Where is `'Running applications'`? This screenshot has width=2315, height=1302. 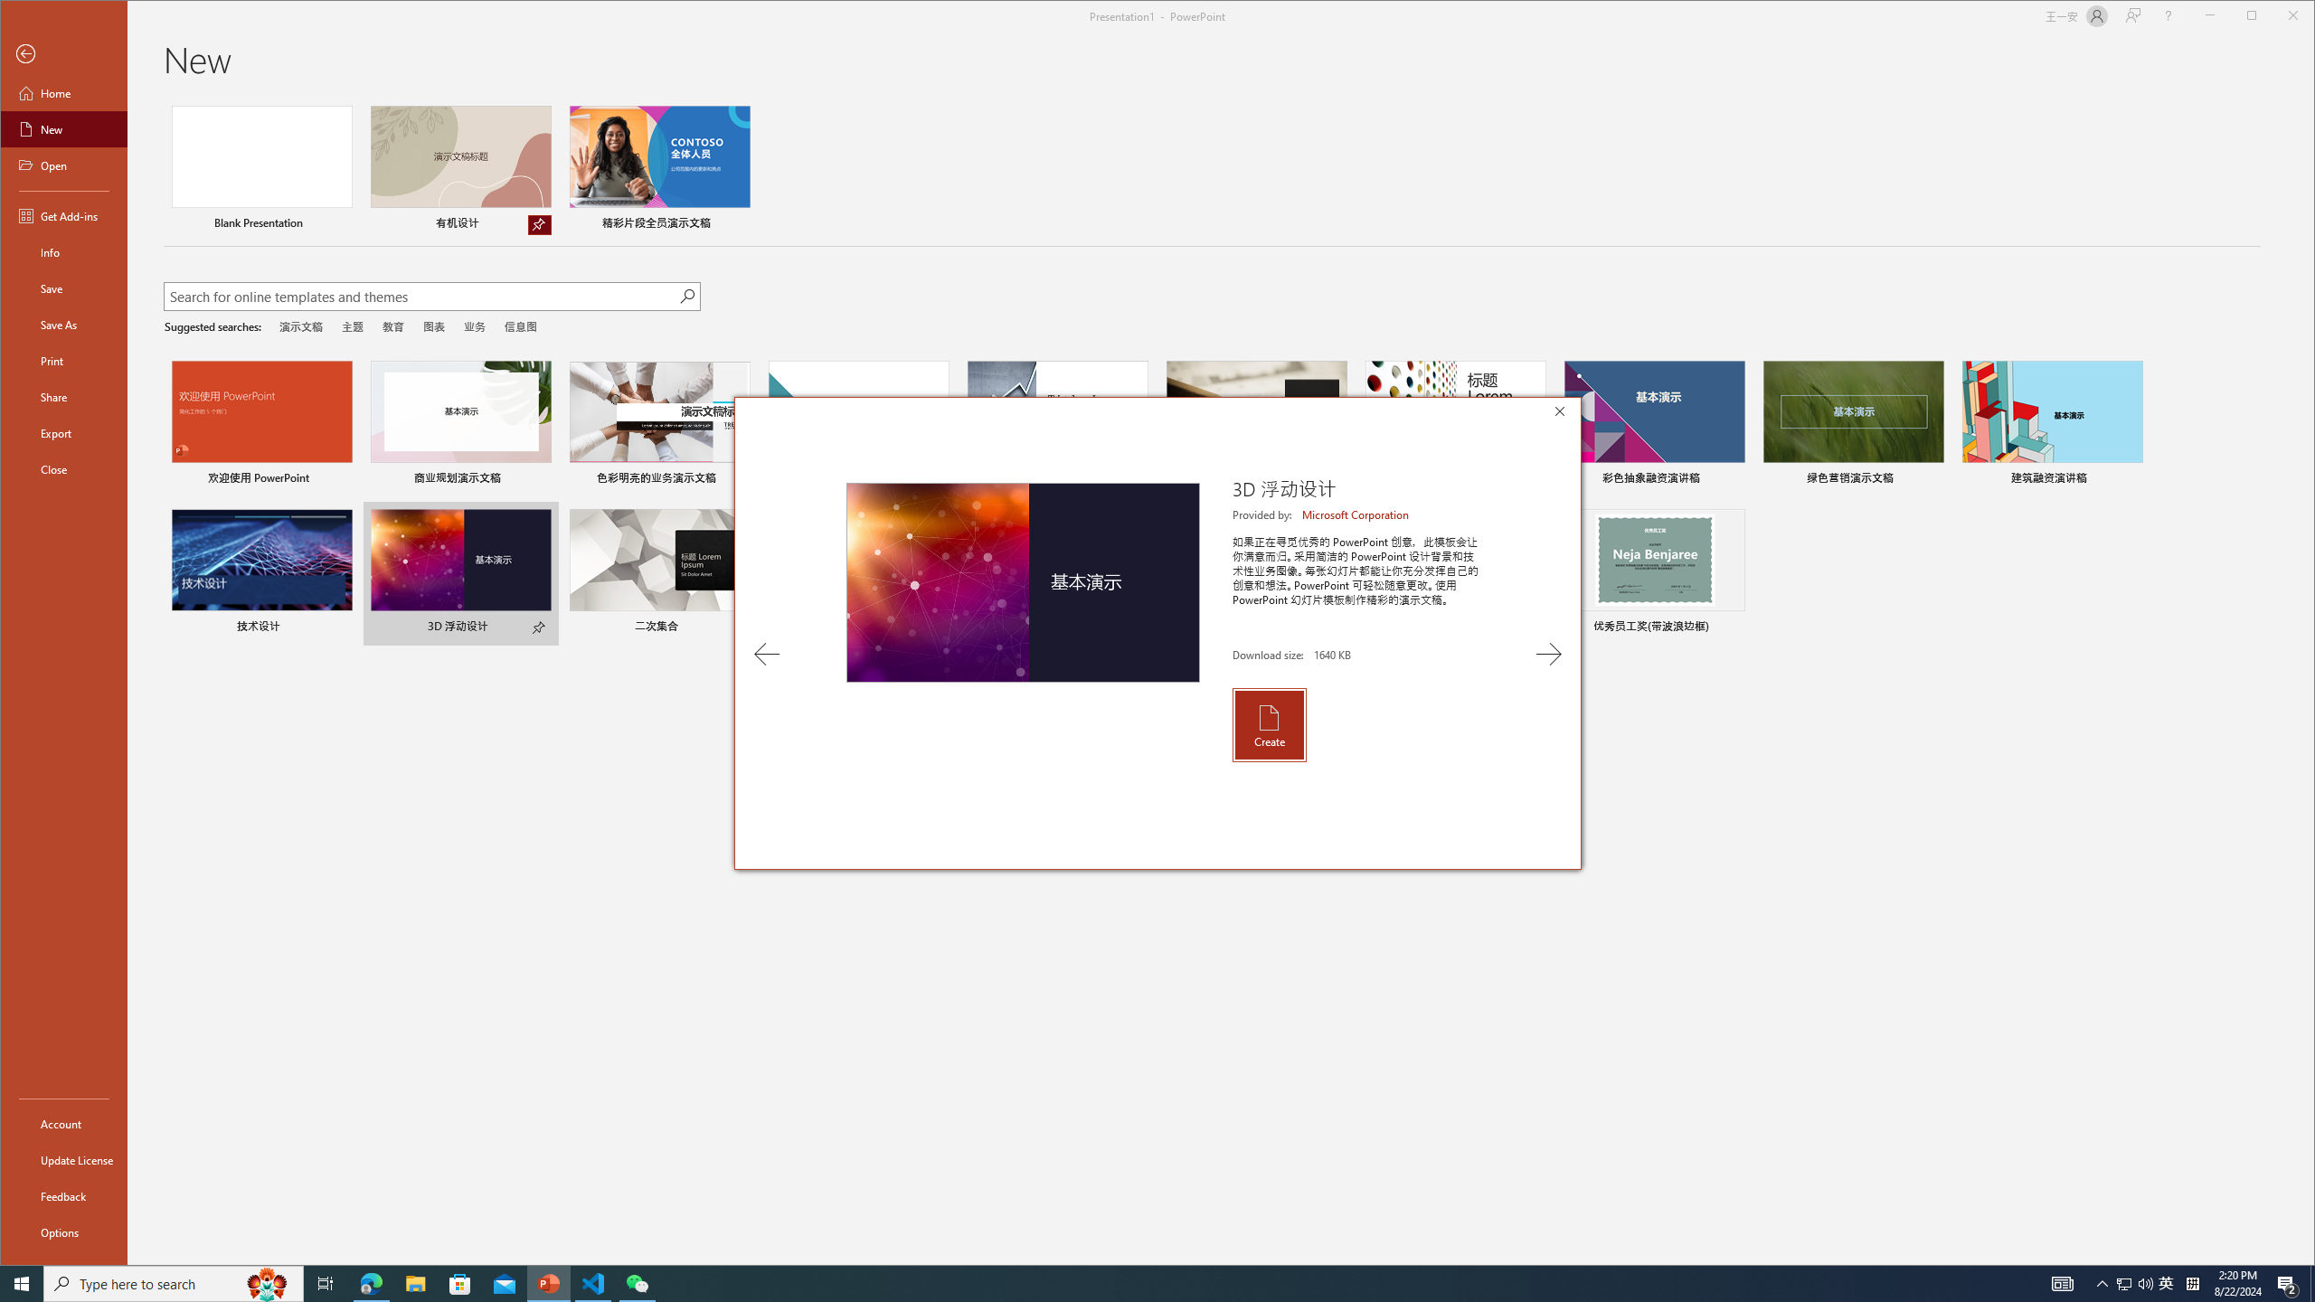 'Running applications' is located at coordinates (1124, 1282).